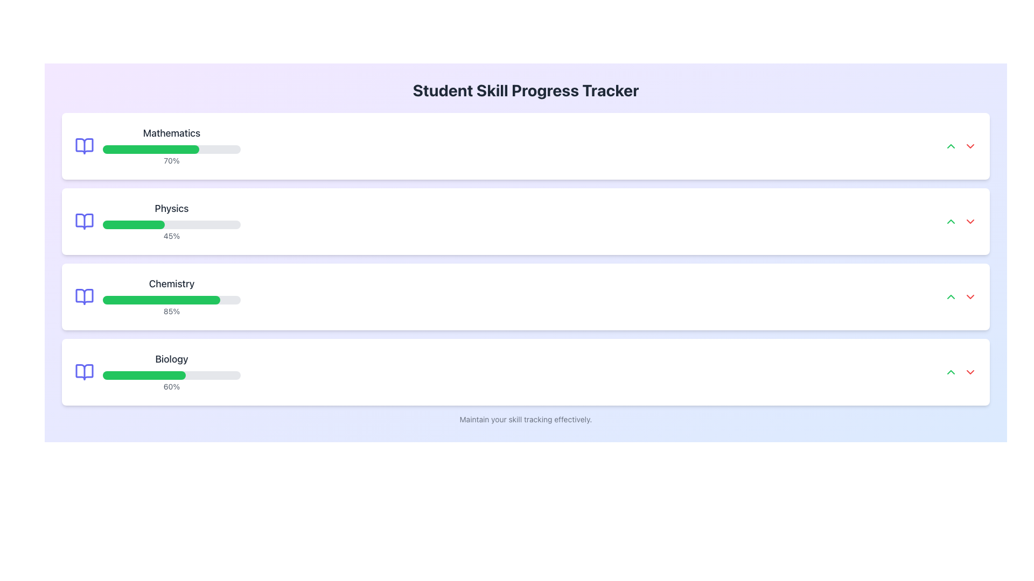 The image size is (1034, 581). What do you see at coordinates (171, 311) in the screenshot?
I see `the display text showing '85%' located to the right of the progress bar in the third card of the skill progress trackers for 'Chemistry'` at bounding box center [171, 311].